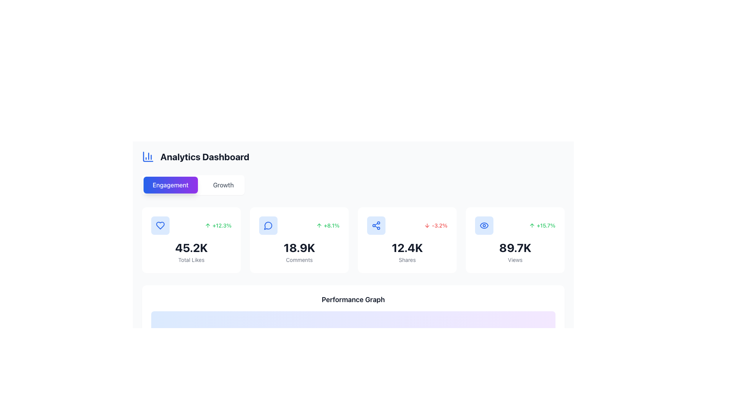  I want to click on the 'Growth' button located to the right of the 'Engagement' button in the button group at the top of the dashboard interface, so click(223, 185).